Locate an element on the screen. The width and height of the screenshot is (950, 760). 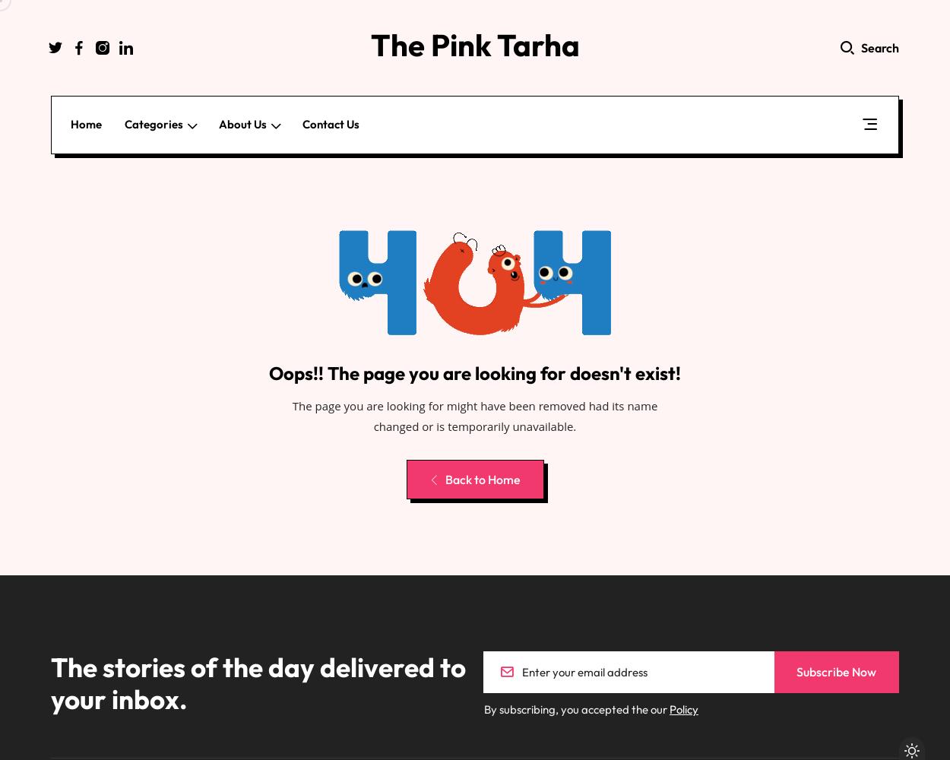
'Shopping' is located at coordinates (168, 243).